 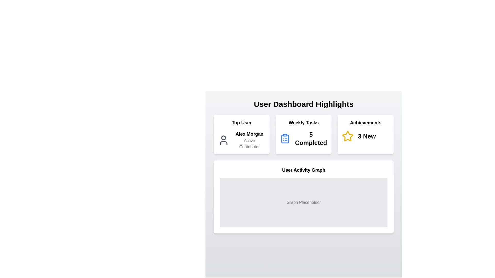 What do you see at coordinates (303, 170) in the screenshot?
I see `the Text label which serves as a title or heading for the content, located within a white, rounded rectangular card above the Graph Placeholder` at bounding box center [303, 170].